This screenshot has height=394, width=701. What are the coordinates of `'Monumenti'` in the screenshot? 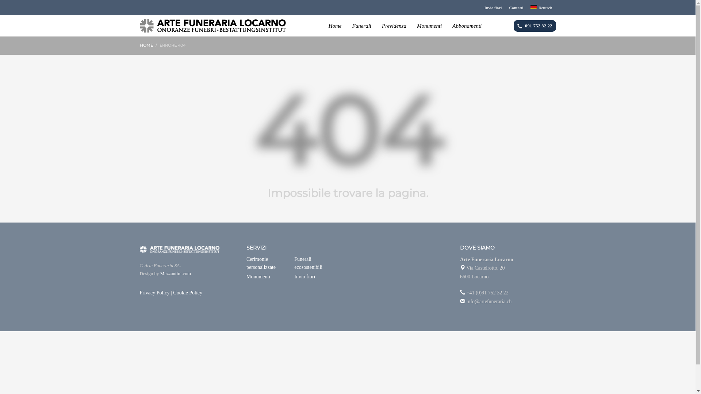 It's located at (270, 277).